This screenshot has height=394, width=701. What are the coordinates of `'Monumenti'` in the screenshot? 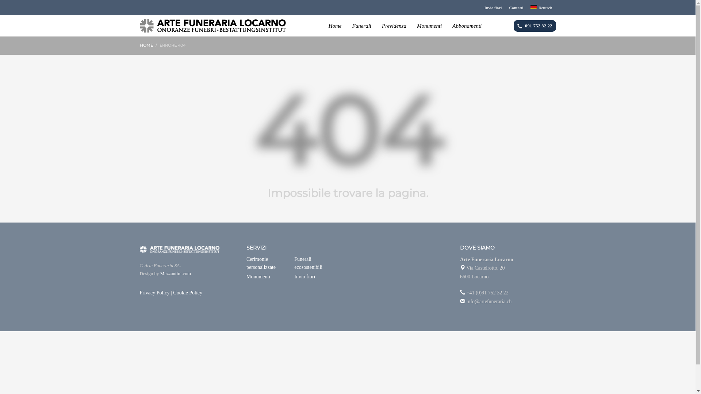 It's located at (270, 277).